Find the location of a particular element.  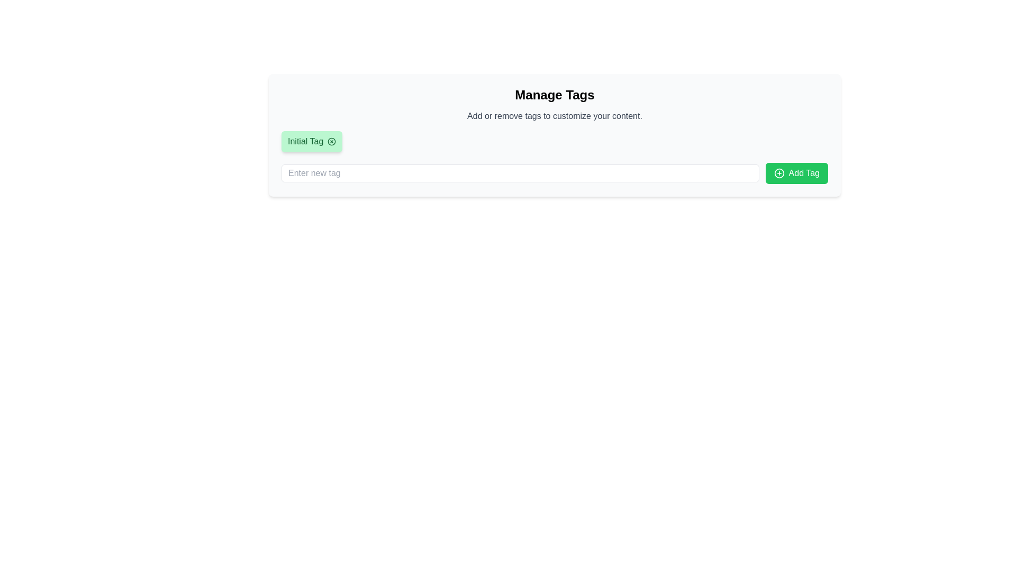

the close icon button with an 'X' shape, located within the green rounded rectangle labeled 'Initial Tag' is located at coordinates (331, 141).